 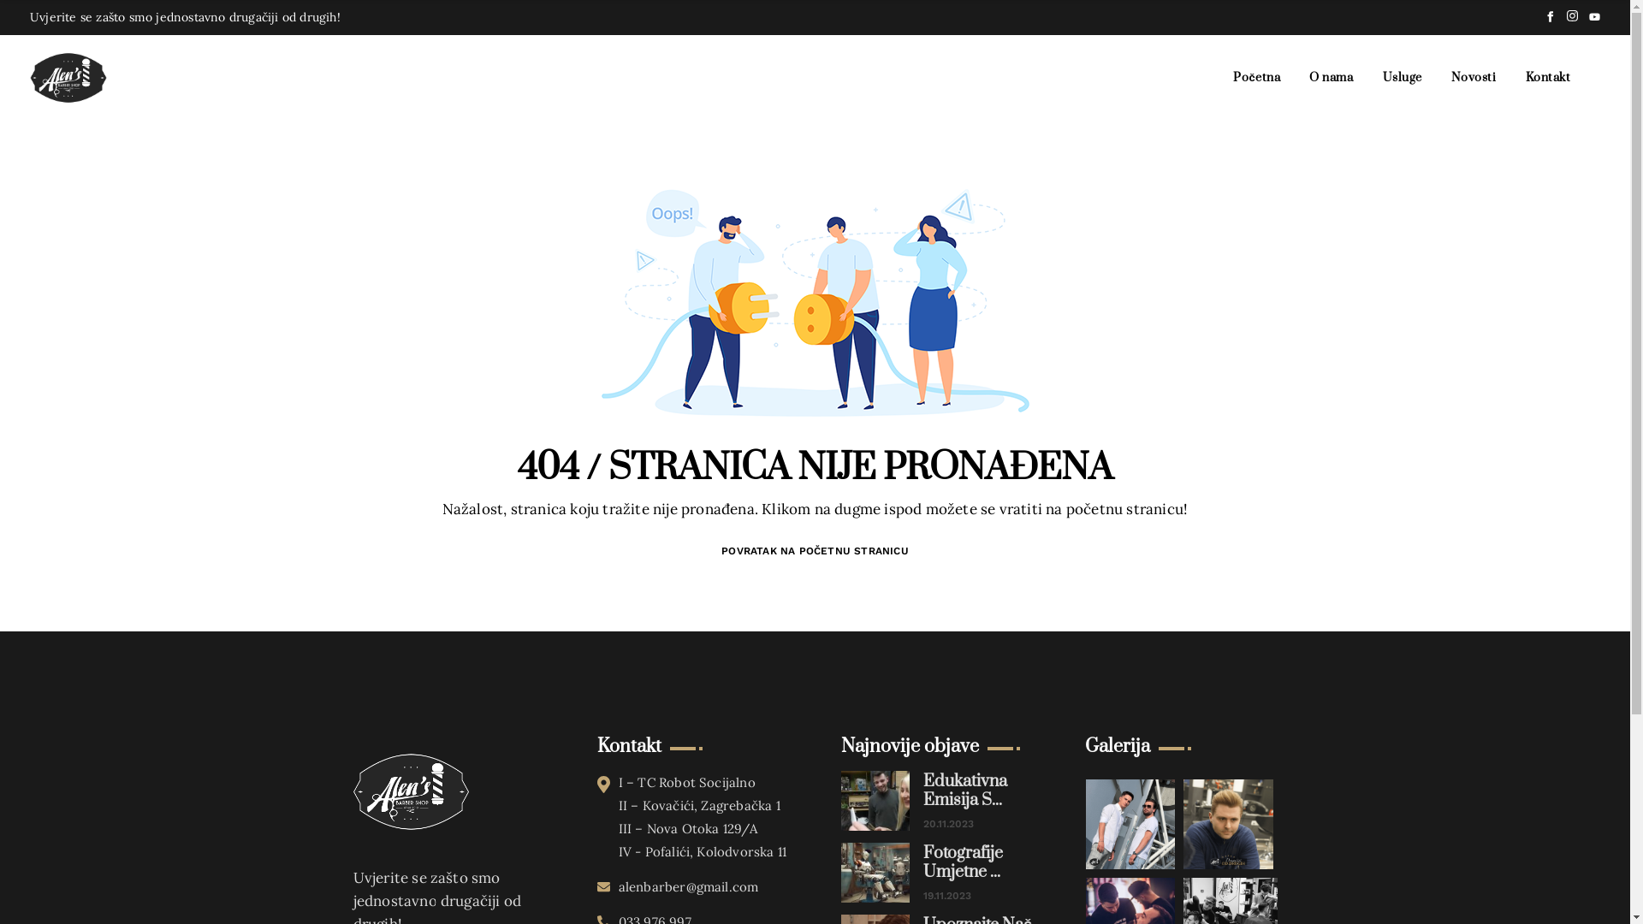 I want to click on 'O nama', so click(x=1330, y=78).